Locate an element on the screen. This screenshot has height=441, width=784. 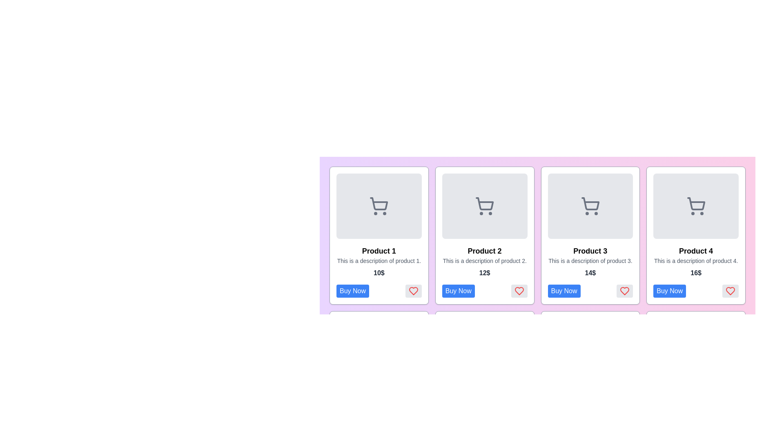
the 'Buy Now' button with a blue background and white text, located within the fourth product card, to initiate purchase is located at coordinates (670, 291).